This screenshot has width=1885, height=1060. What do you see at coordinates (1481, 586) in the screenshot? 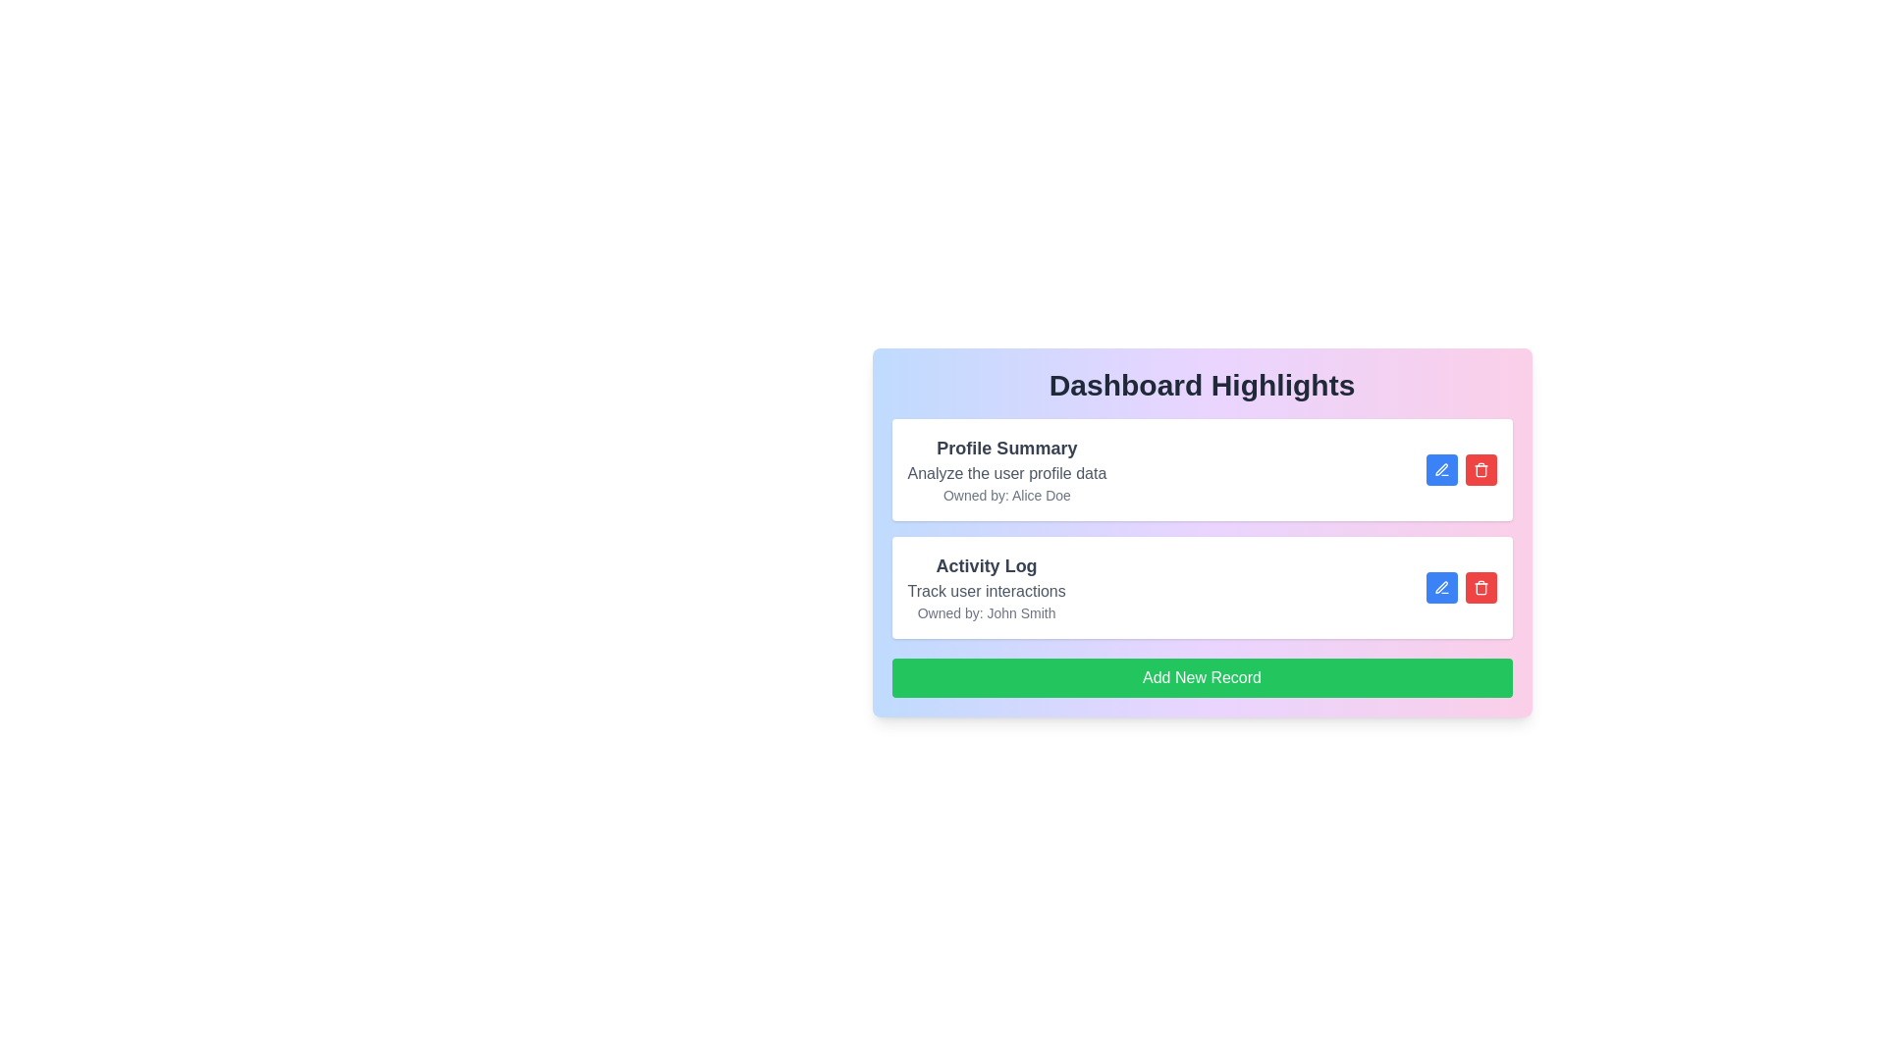
I see `the trash can icon embedded within the clickable button` at bounding box center [1481, 586].